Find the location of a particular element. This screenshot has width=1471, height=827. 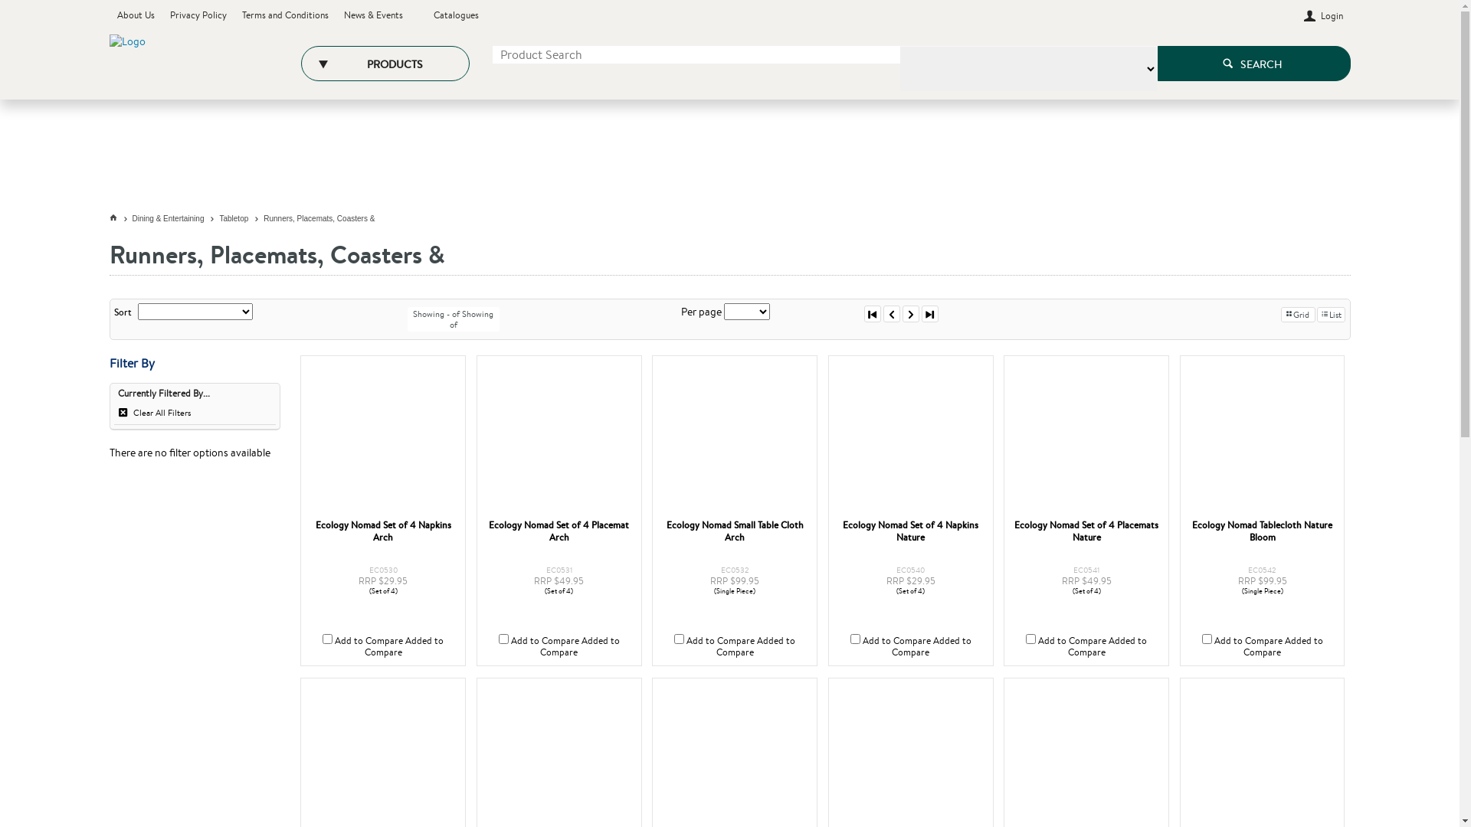

'Ecology Nomad Set of 4 Napkins Nature' is located at coordinates (911, 437).